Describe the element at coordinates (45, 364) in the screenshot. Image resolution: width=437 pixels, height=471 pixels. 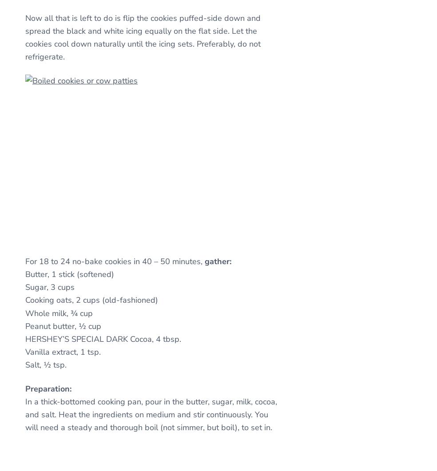
I see `'Salt, ½ tsp.'` at that location.